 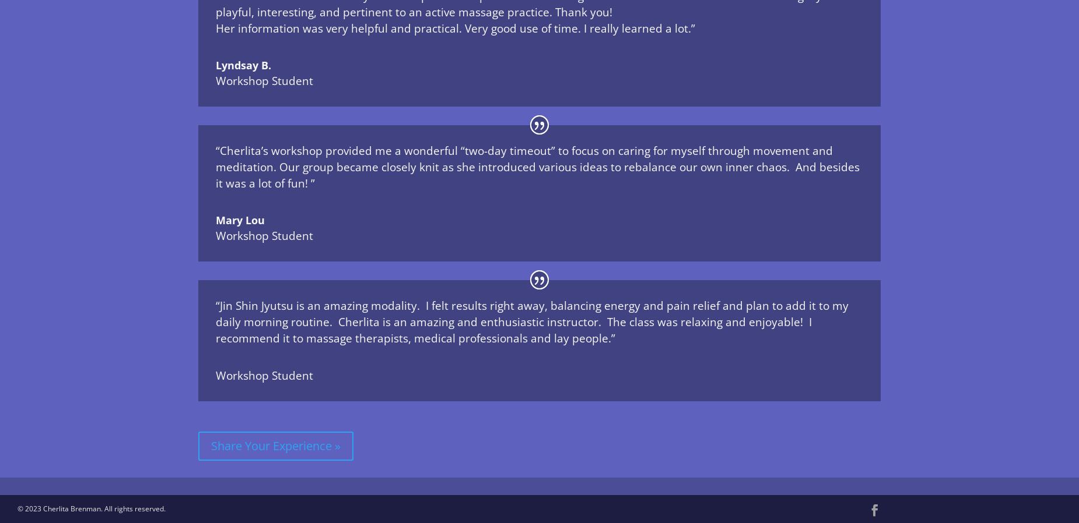 I want to click on 'rebalance', so click(x=649, y=167).